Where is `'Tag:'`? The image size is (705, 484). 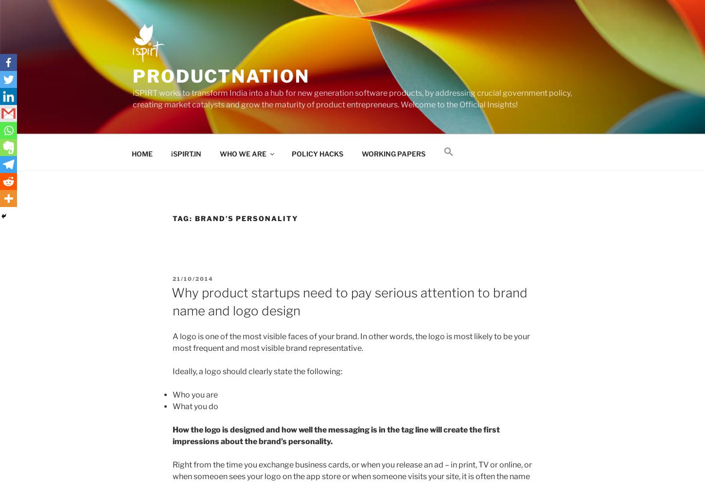
'Tag:' is located at coordinates (183, 218).